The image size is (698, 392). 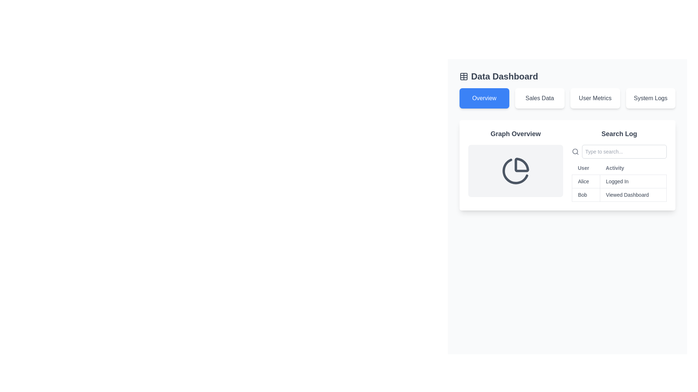 I want to click on the 'Overview' navigational button located at the leftmost position of the button group in the upper section of the interface, so click(x=484, y=98).